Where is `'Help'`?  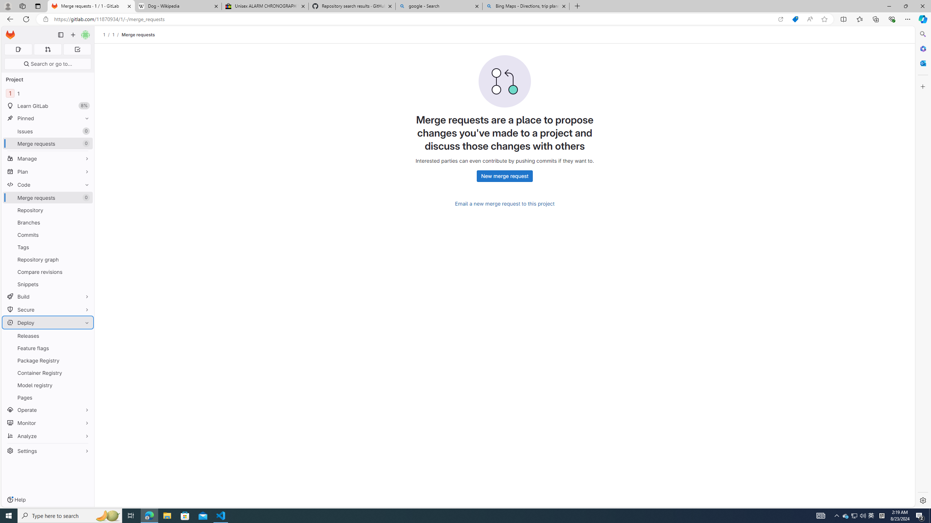
'Help' is located at coordinates (16, 499).